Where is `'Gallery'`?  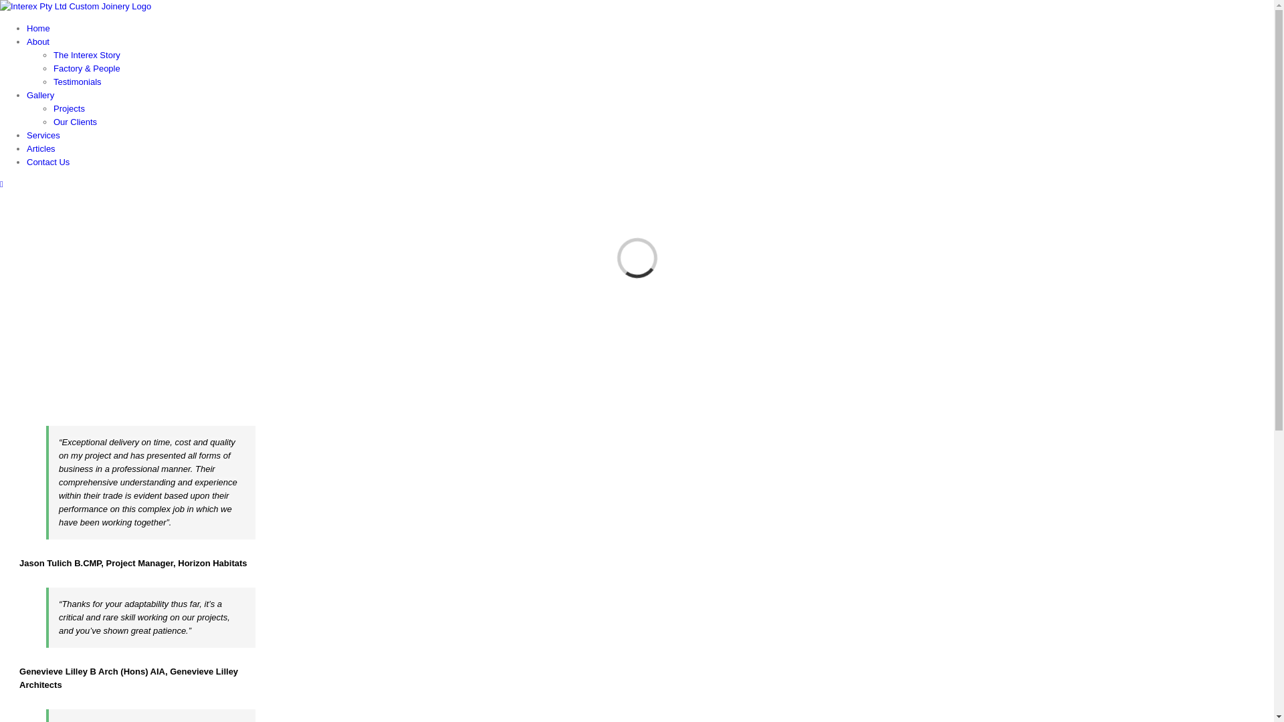 'Gallery' is located at coordinates (40, 94).